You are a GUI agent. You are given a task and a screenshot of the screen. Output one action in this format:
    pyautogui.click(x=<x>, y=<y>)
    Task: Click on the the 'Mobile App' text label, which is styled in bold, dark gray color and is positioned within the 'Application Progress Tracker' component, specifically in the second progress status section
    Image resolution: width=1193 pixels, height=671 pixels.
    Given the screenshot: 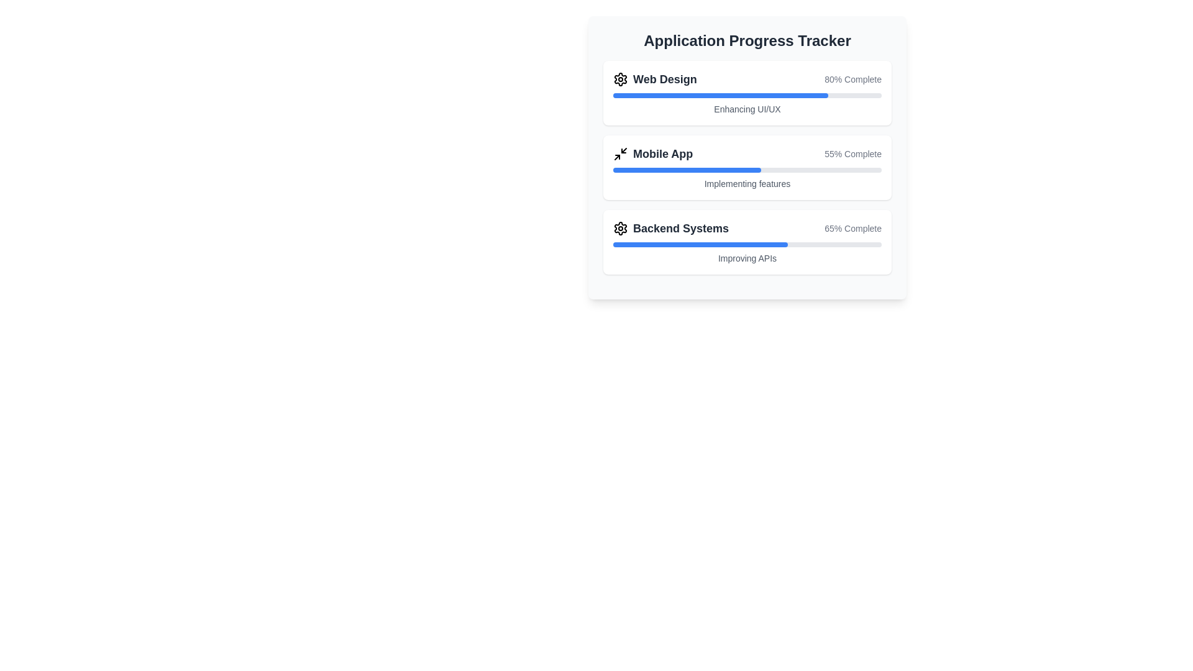 What is the action you would take?
    pyautogui.click(x=662, y=153)
    